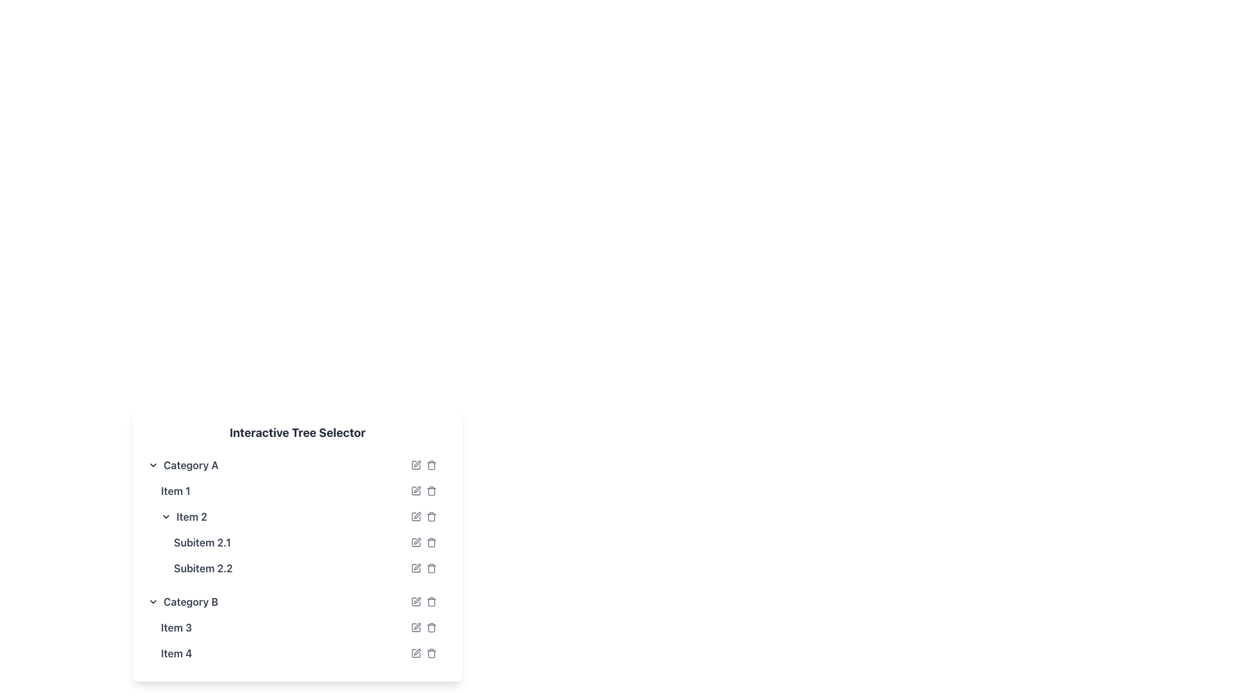  I want to click on the delete icon button located as the second inline item in the small button group to the right of 'Item 2', so click(432, 516).